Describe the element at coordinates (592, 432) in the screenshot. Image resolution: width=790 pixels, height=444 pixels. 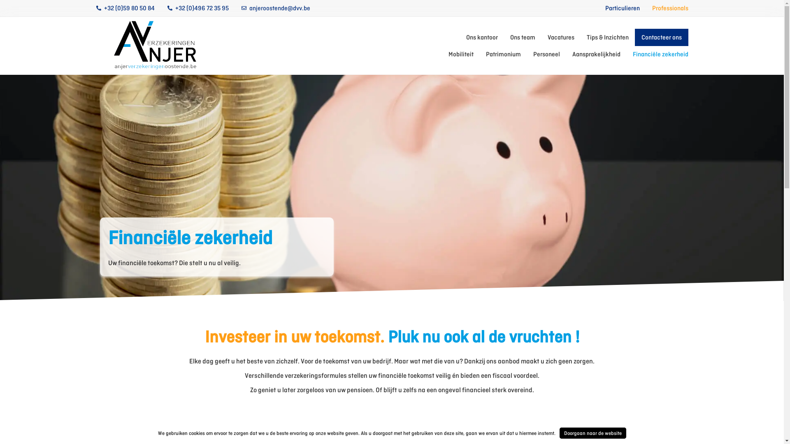
I see `'Doorgaan naar de website'` at that location.